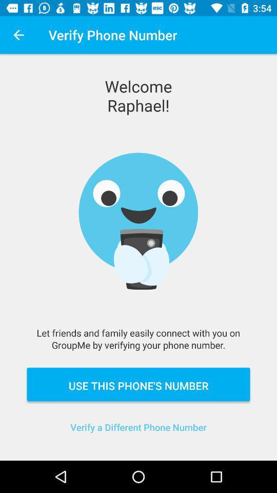 The height and width of the screenshot is (493, 277). Describe the element at coordinates (138, 384) in the screenshot. I see `use this phone` at that location.